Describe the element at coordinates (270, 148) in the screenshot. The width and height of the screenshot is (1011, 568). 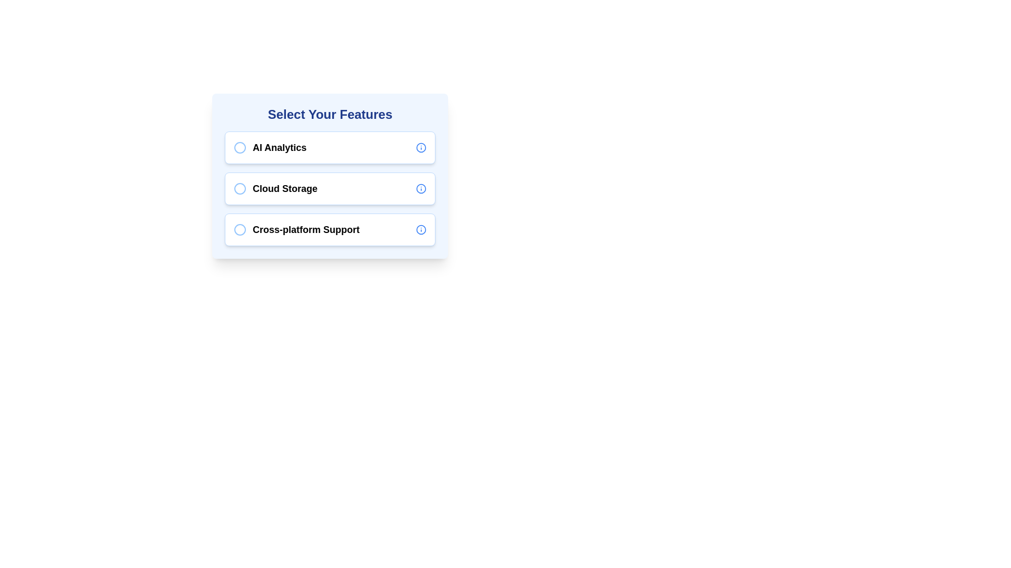
I see `the first selectable feature text label in the 'Select Your Features' card` at that location.